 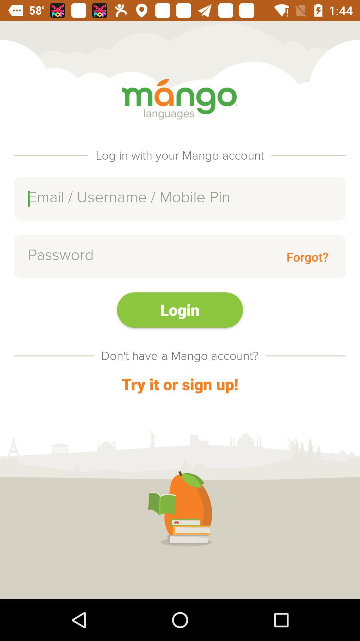 What do you see at coordinates (180, 198) in the screenshot?
I see `your name` at bounding box center [180, 198].